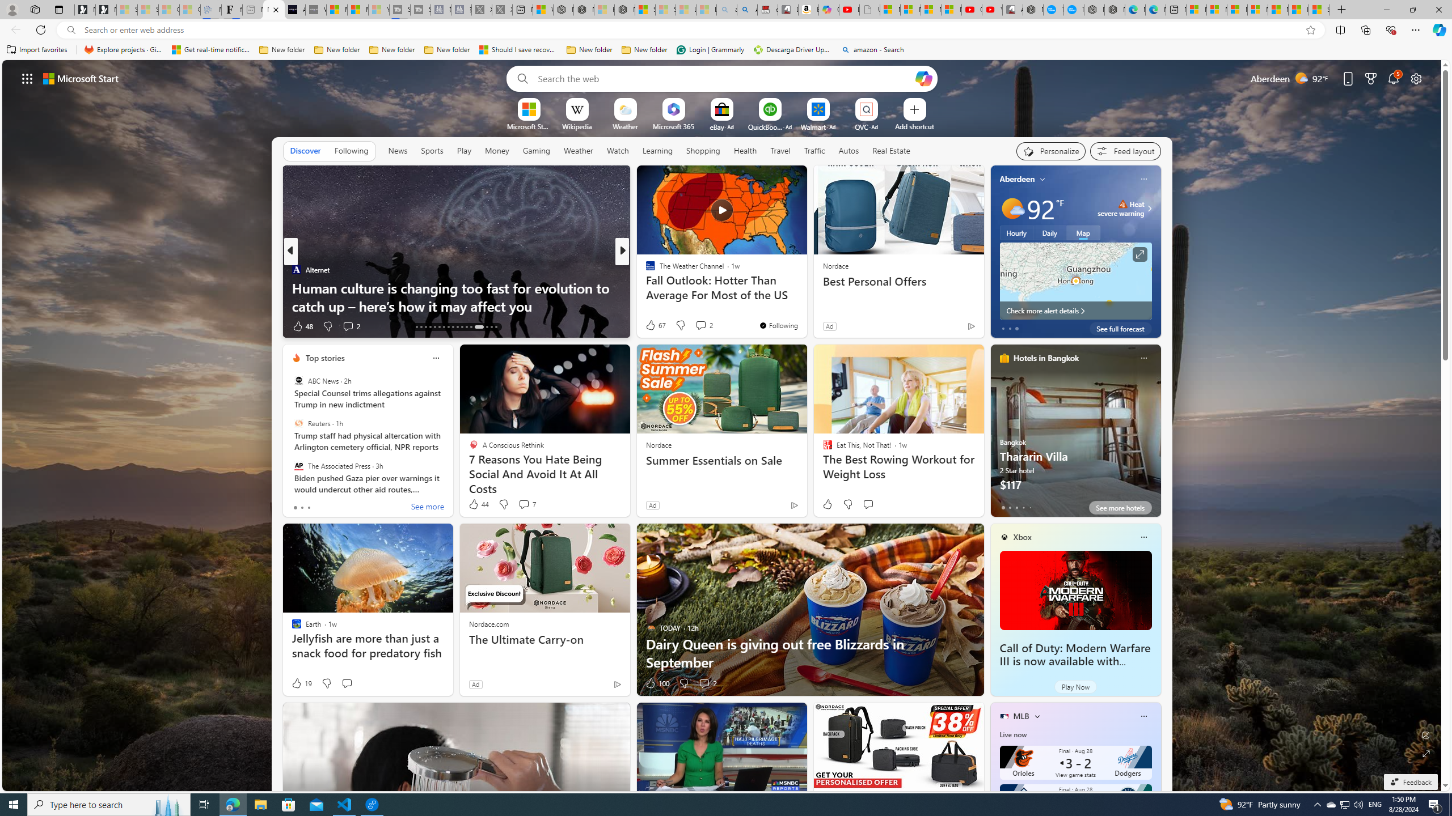 This screenshot has width=1452, height=816. I want to click on 'AutomationID: tab-43', so click(495, 327).